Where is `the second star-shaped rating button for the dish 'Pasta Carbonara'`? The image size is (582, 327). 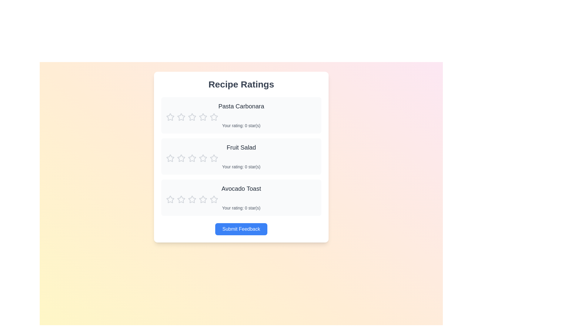 the second star-shaped rating button for the dish 'Pasta Carbonara' is located at coordinates (192, 117).